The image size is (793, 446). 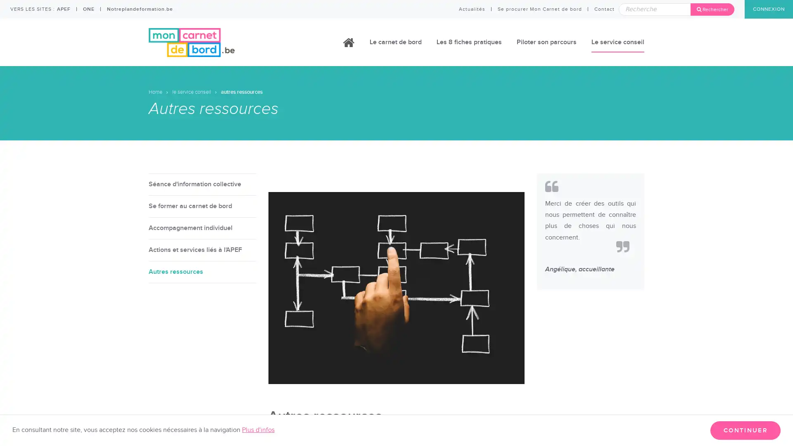 What do you see at coordinates (712, 9) in the screenshot?
I see `Rechercher` at bounding box center [712, 9].